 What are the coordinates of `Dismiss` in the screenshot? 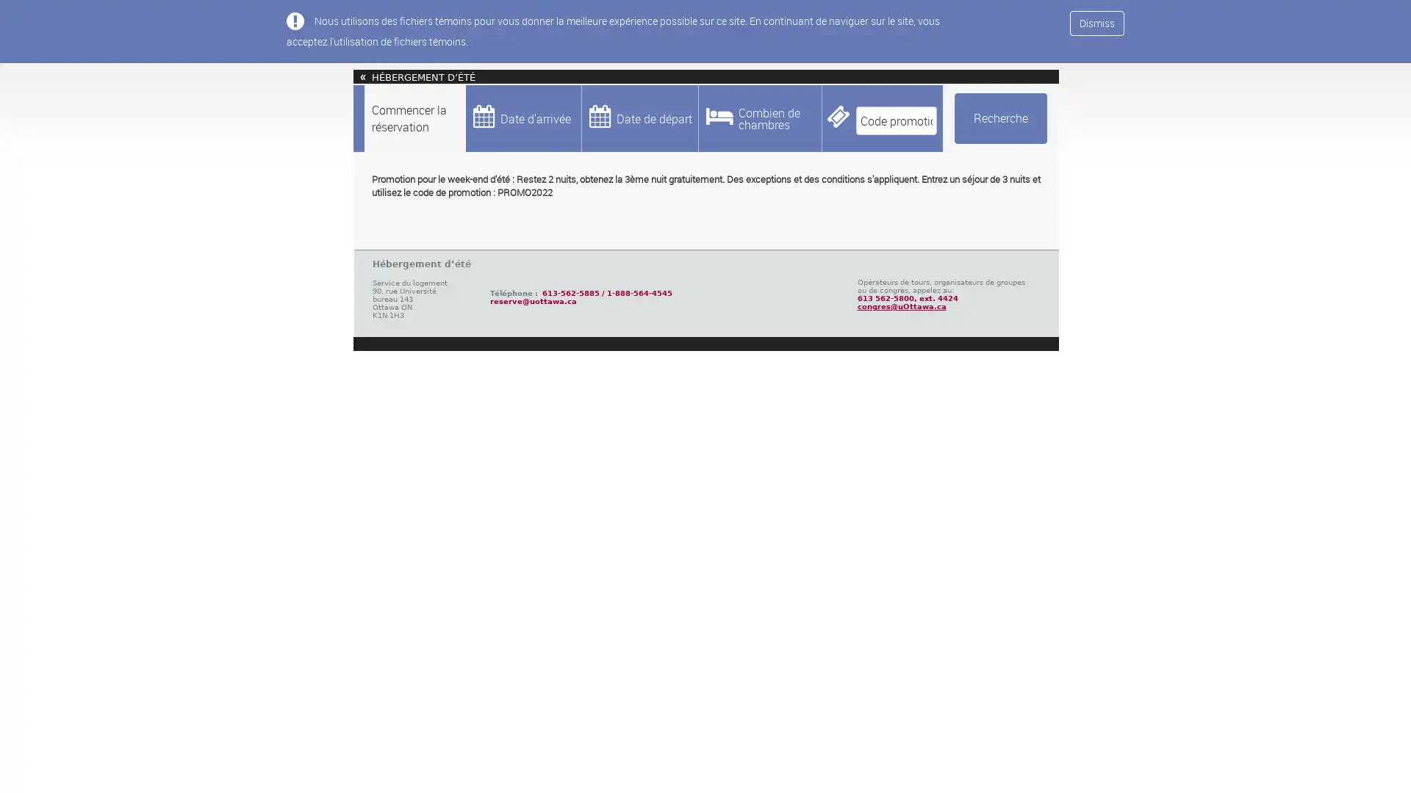 It's located at (1096, 23).